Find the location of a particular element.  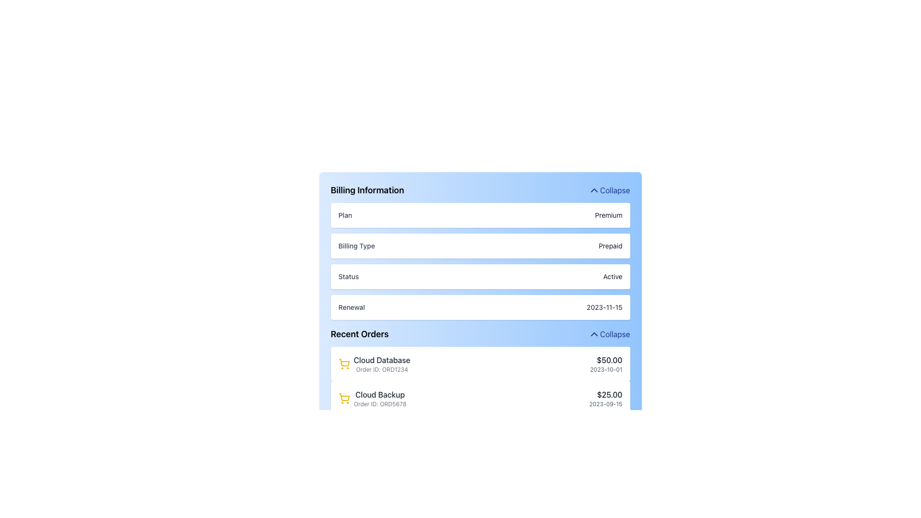

the second entry in the 'Recent Orders' section, which represents an item with details including name, order ID, cost, and date is located at coordinates (480, 398).